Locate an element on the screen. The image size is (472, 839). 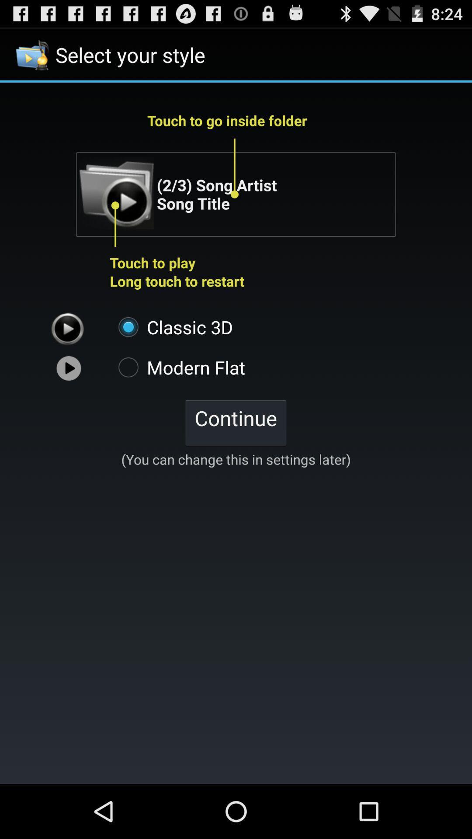
classic 3d is located at coordinates (171, 326).